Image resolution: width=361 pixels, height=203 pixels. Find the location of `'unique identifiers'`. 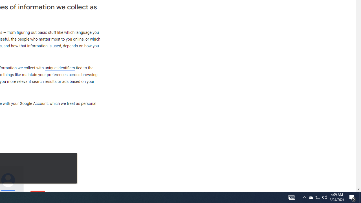

'unique identifiers' is located at coordinates (60, 68).